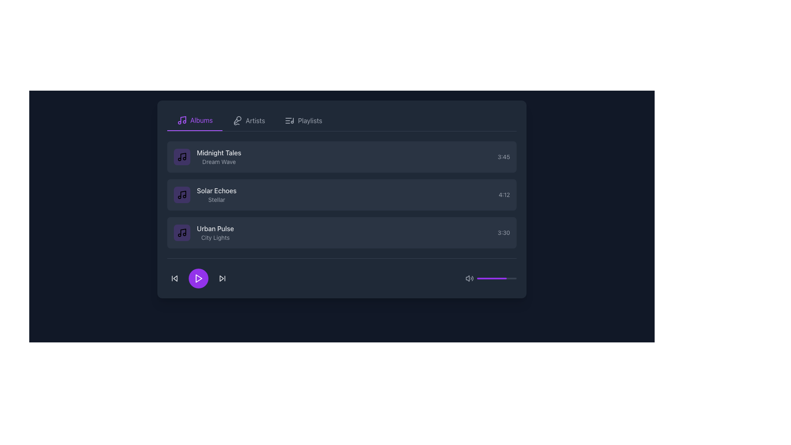  I want to click on the text label displaying the title and subtitle of a music album or song, which is the third item, so click(215, 232).